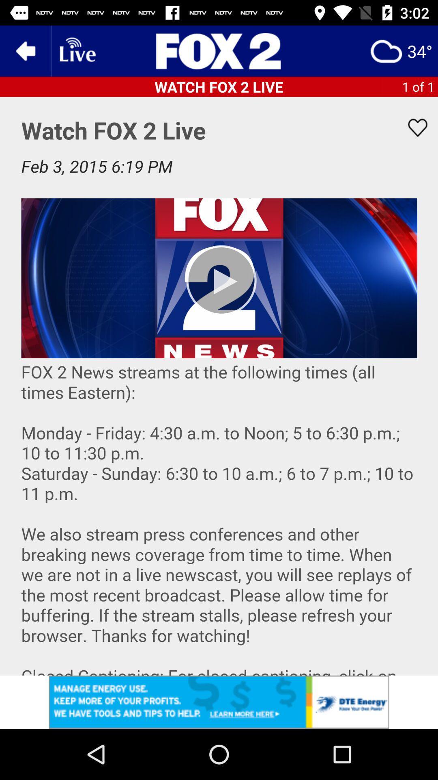  Describe the element at coordinates (25, 50) in the screenshot. I see `previous` at that location.